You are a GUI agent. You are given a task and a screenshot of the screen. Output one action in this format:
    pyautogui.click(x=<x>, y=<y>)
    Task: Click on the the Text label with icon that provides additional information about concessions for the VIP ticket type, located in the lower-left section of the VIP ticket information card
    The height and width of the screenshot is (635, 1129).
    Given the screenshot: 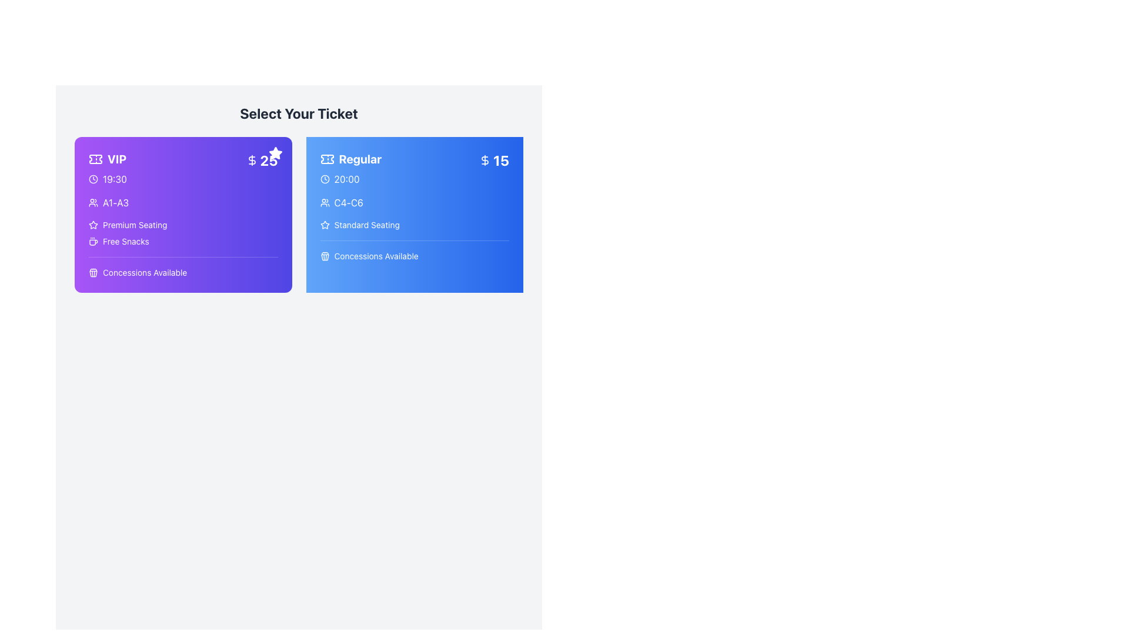 What is the action you would take?
    pyautogui.click(x=138, y=272)
    